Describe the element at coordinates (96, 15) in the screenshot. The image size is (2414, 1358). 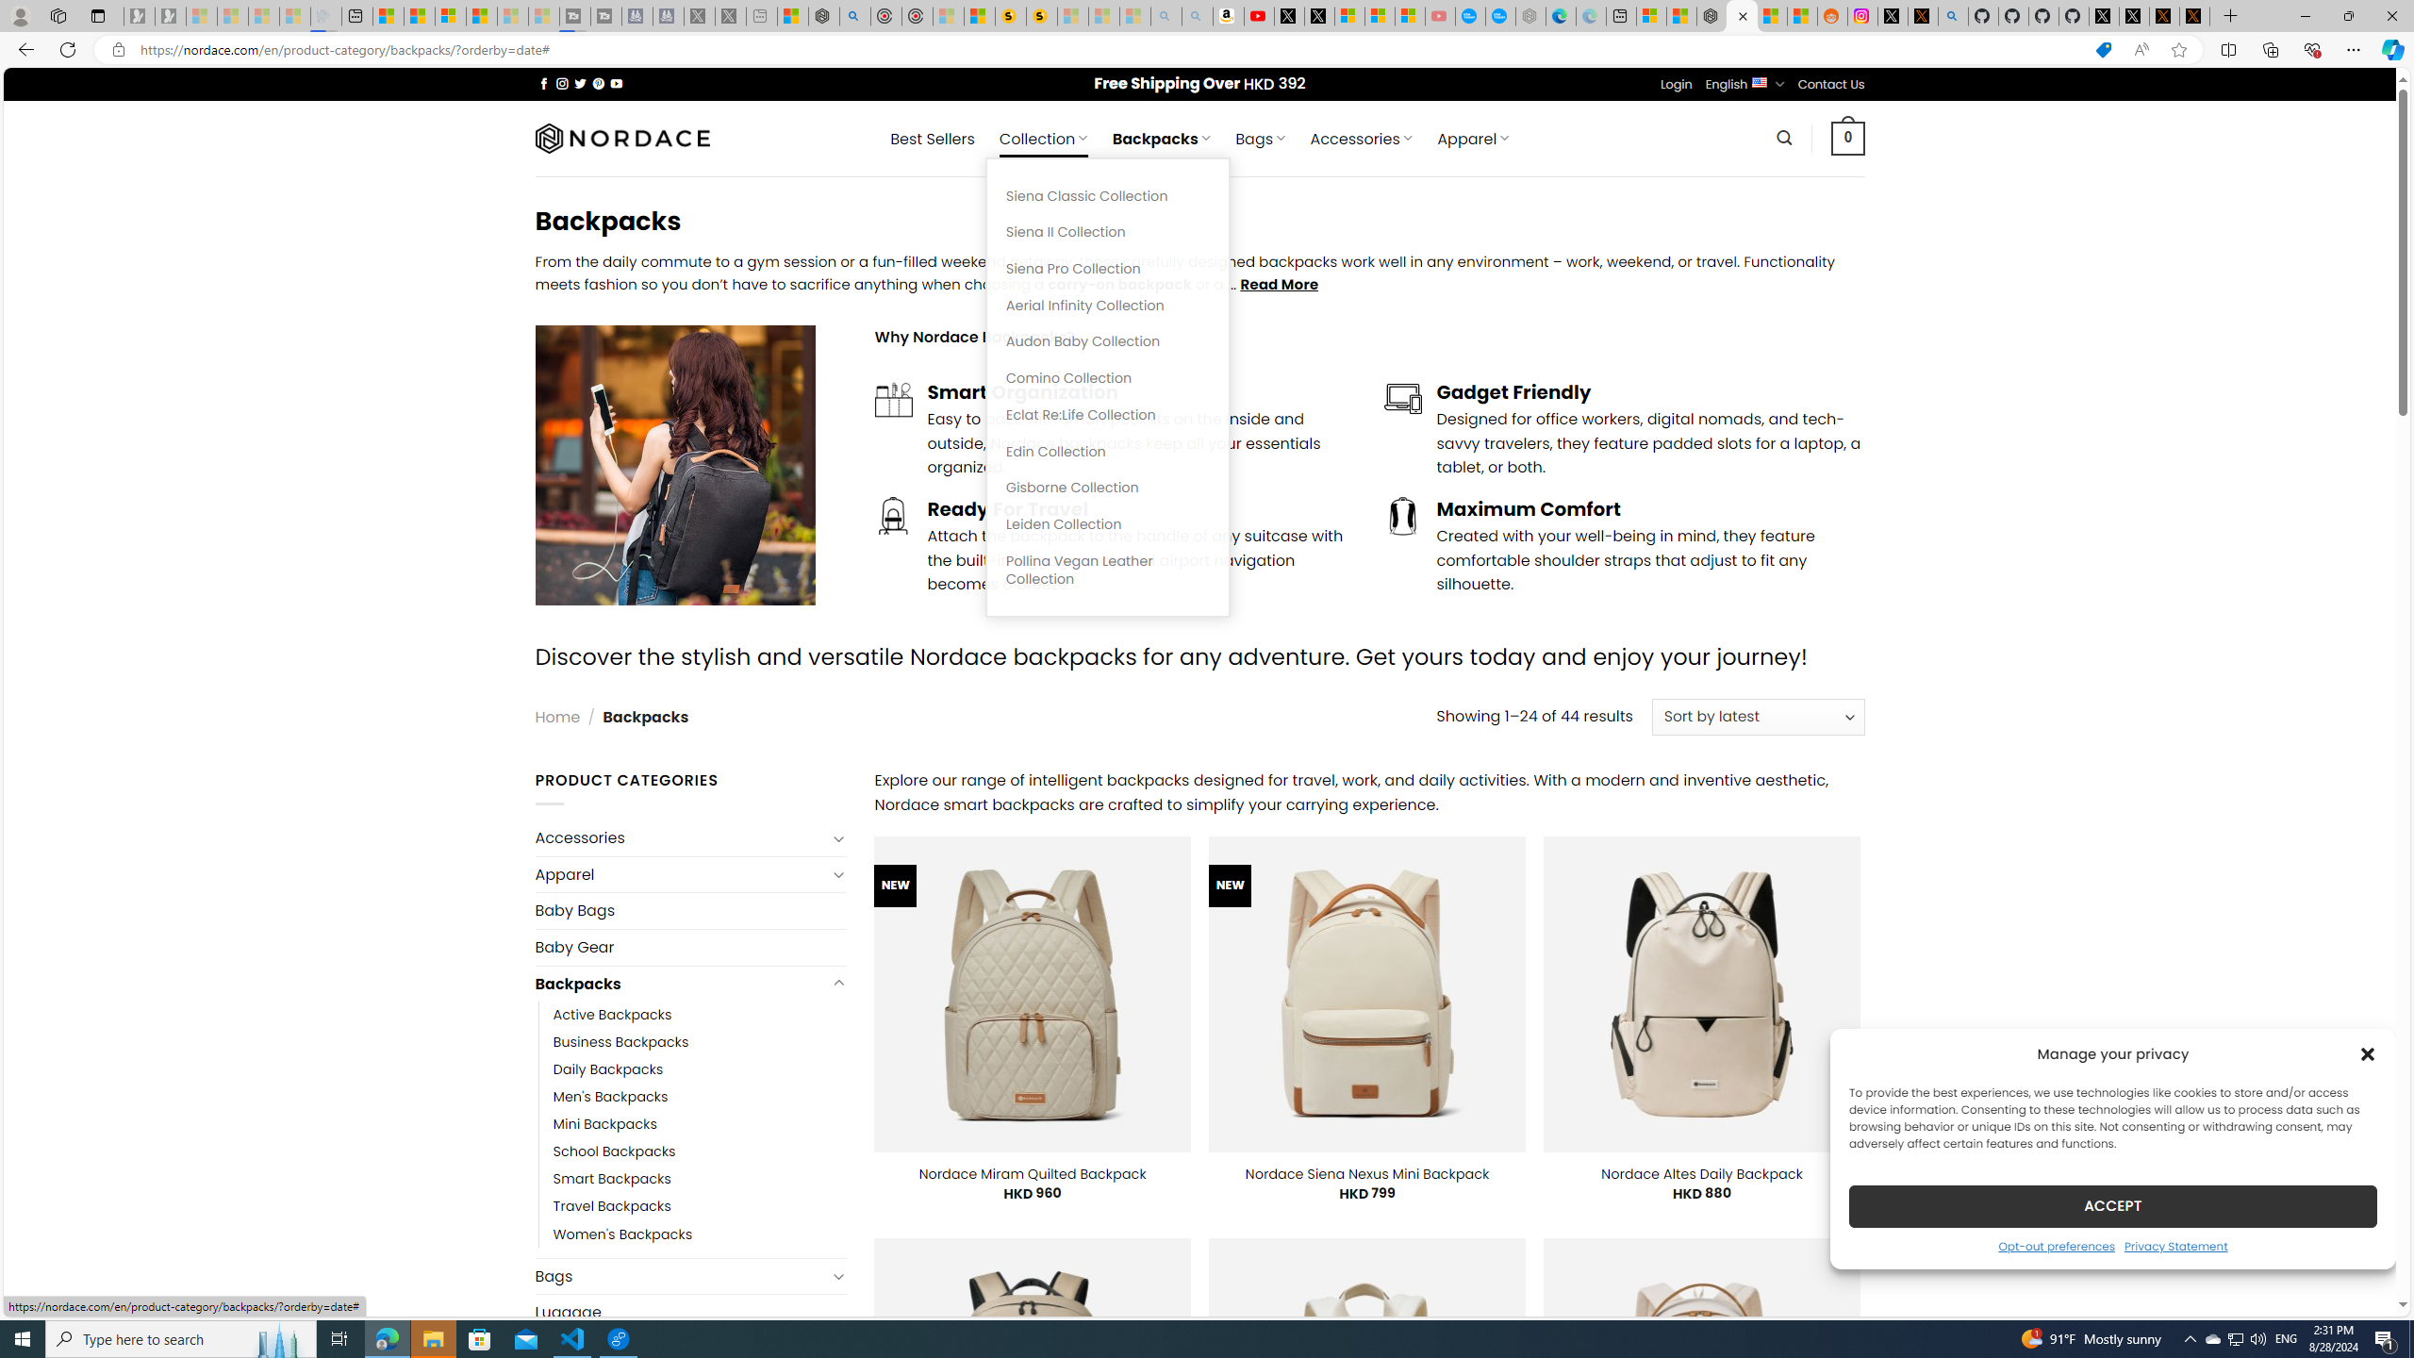
I see `'Tab actions menu'` at that location.